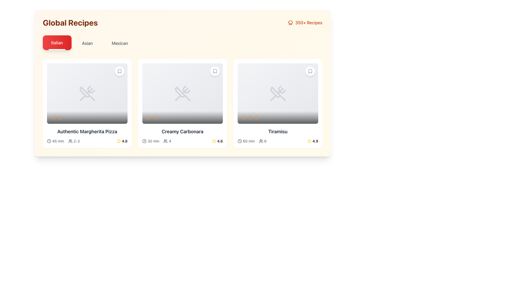 This screenshot has width=507, height=285. Describe the element at coordinates (262, 141) in the screenshot. I see `the value displayed in the label that indicates the number of individuals related to the item, located as the second element in the horizontal layout following the '60 min' label` at that location.